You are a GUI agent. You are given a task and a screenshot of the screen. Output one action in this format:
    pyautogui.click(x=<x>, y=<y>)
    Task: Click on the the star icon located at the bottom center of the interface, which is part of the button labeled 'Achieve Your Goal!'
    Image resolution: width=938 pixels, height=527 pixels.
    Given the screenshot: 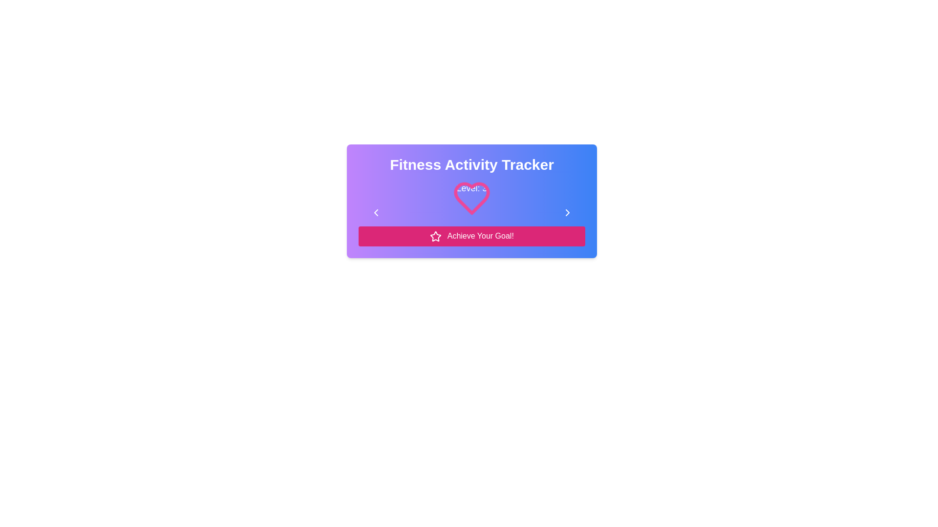 What is the action you would take?
    pyautogui.click(x=435, y=236)
    